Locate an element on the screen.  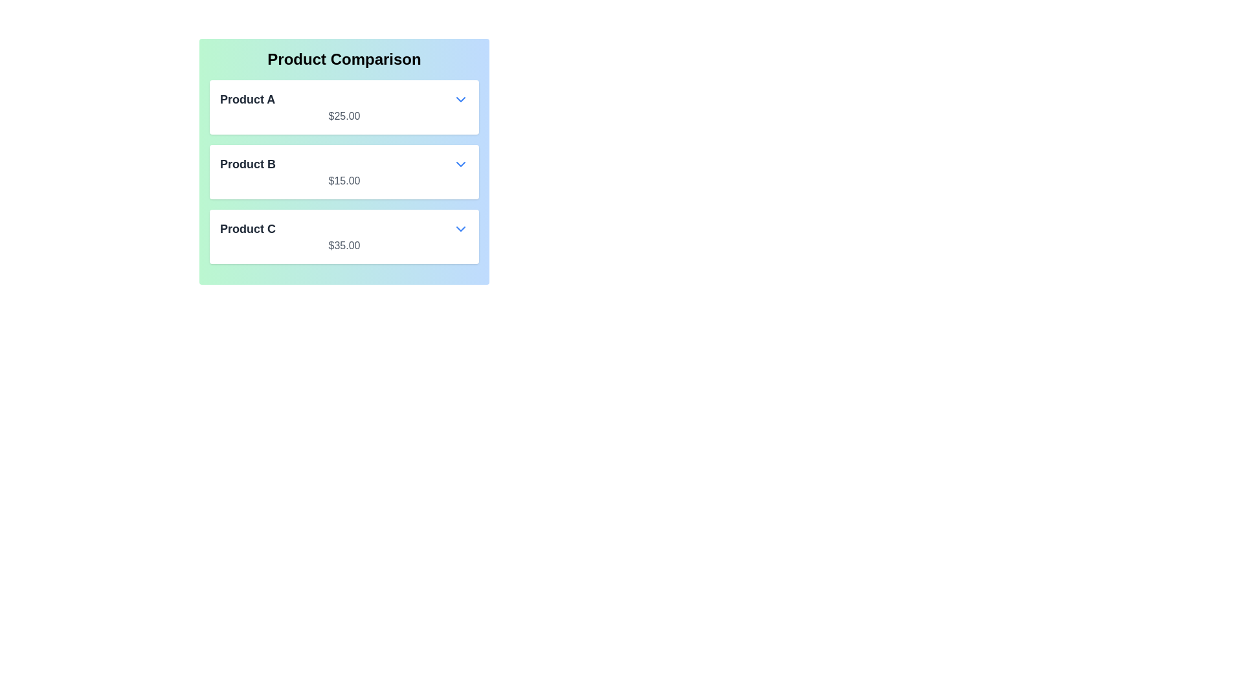
the bold text label that reads 'Product B' in the second row of the comparison table is located at coordinates (248, 164).